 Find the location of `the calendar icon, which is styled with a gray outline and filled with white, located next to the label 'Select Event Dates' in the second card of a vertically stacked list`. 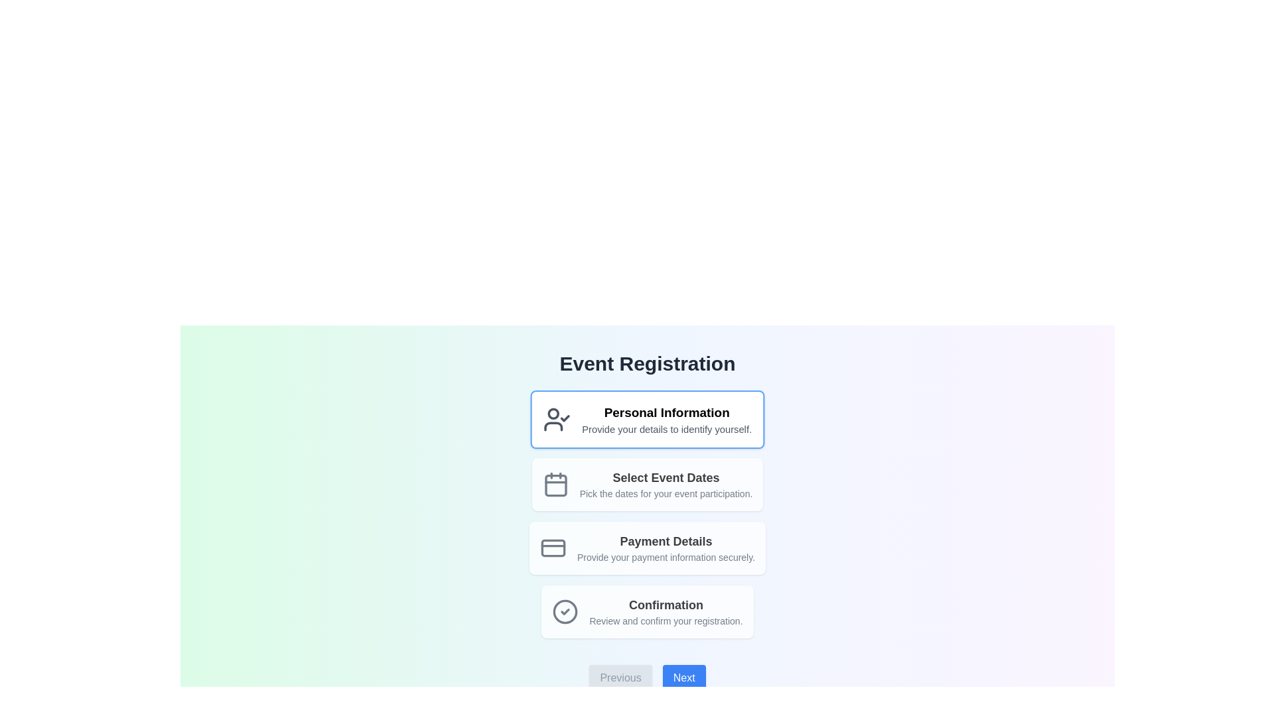

the calendar icon, which is styled with a gray outline and filled with white, located next to the label 'Select Event Dates' in the second card of a vertically stacked list is located at coordinates (555, 485).